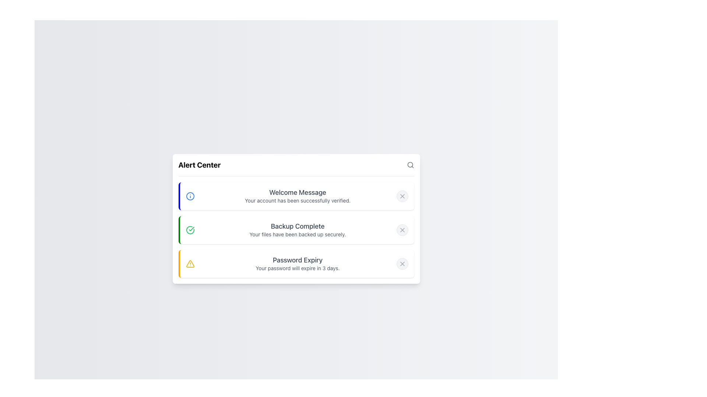  I want to click on the close button with a light gray background and a gray 'X' icon located in the 'Password Expiry' section of the notification list to change its background color, so click(402, 263).